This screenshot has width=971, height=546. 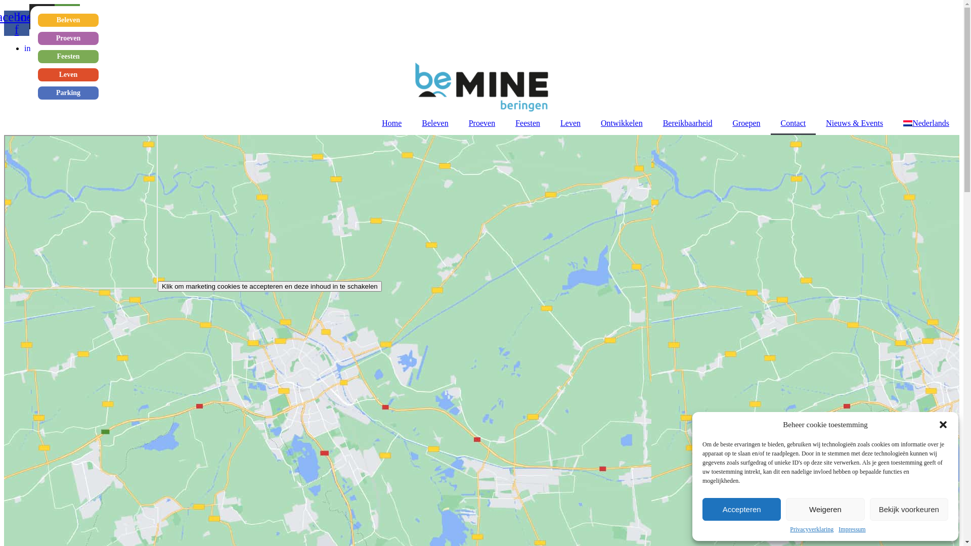 What do you see at coordinates (770, 122) in the screenshot?
I see `'Contact'` at bounding box center [770, 122].